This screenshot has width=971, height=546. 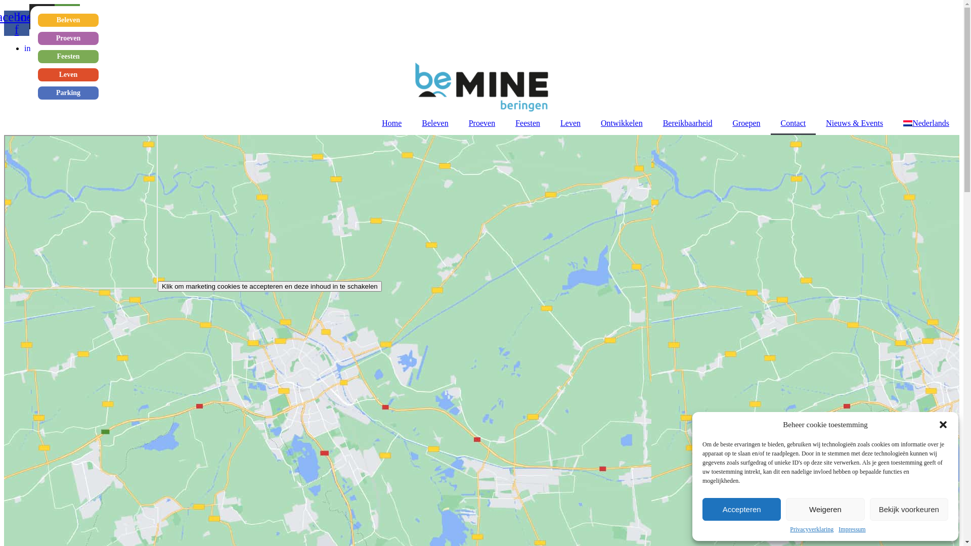 What do you see at coordinates (770, 122) in the screenshot?
I see `'Contact'` at bounding box center [770, 122].